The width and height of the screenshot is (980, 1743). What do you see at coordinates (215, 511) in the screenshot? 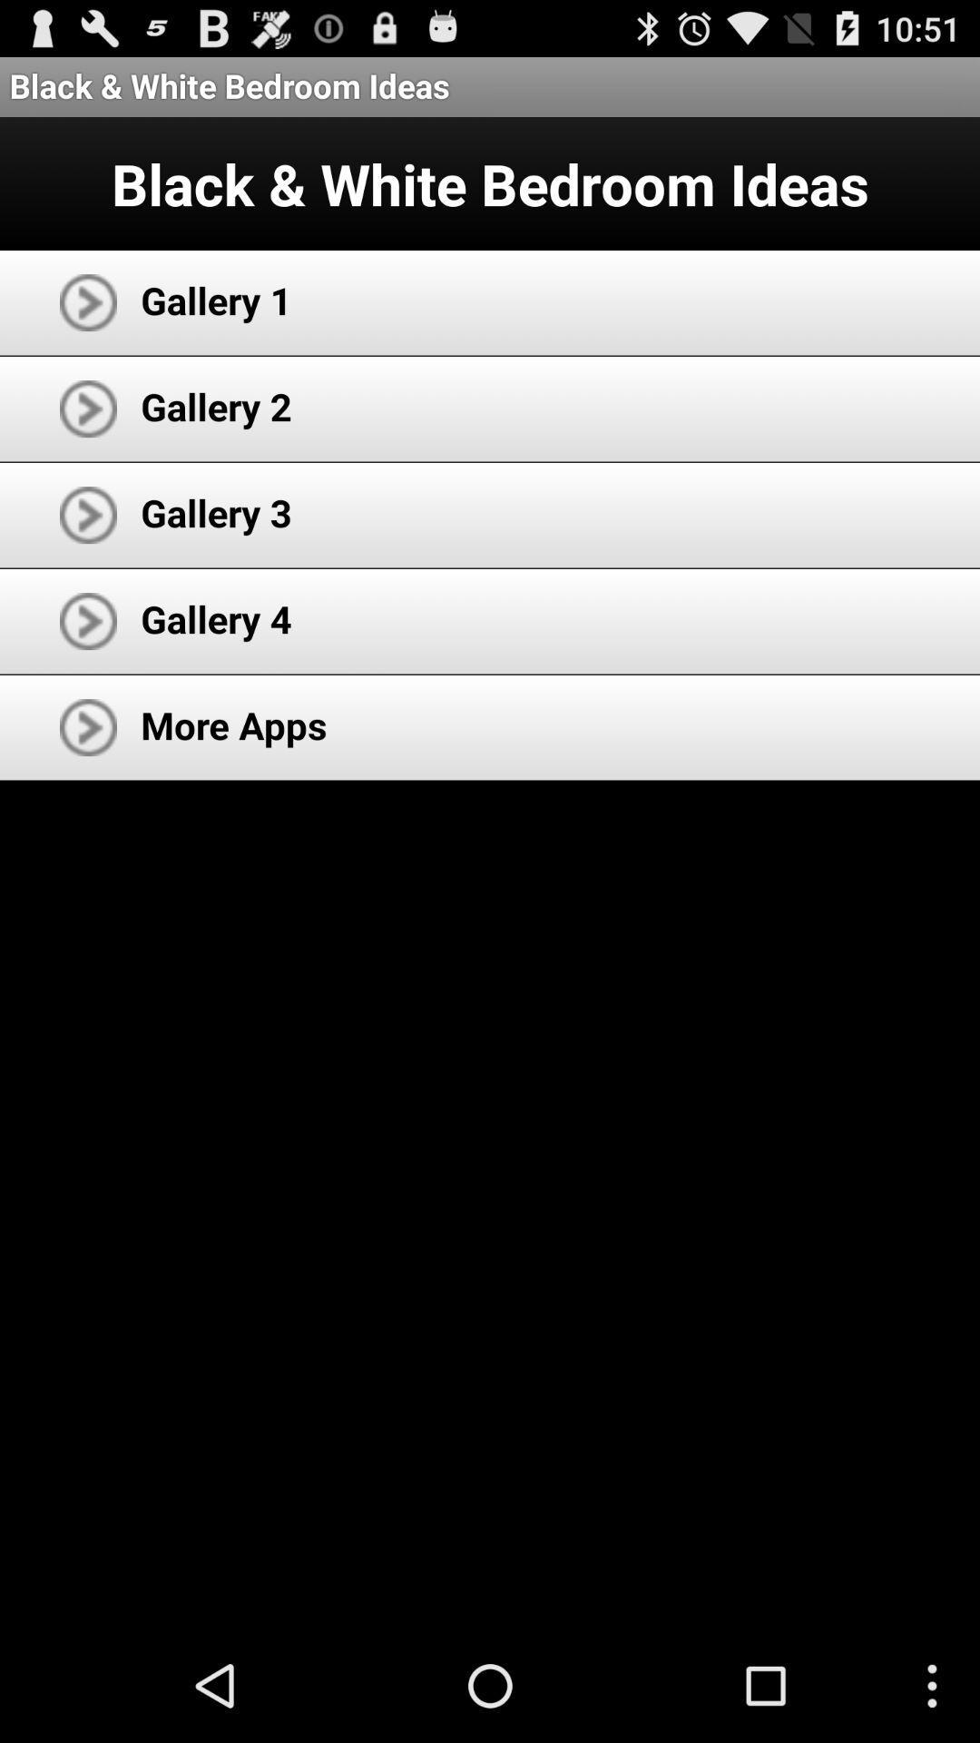
I see `the gallery 3` at bounding box center [215, 511].